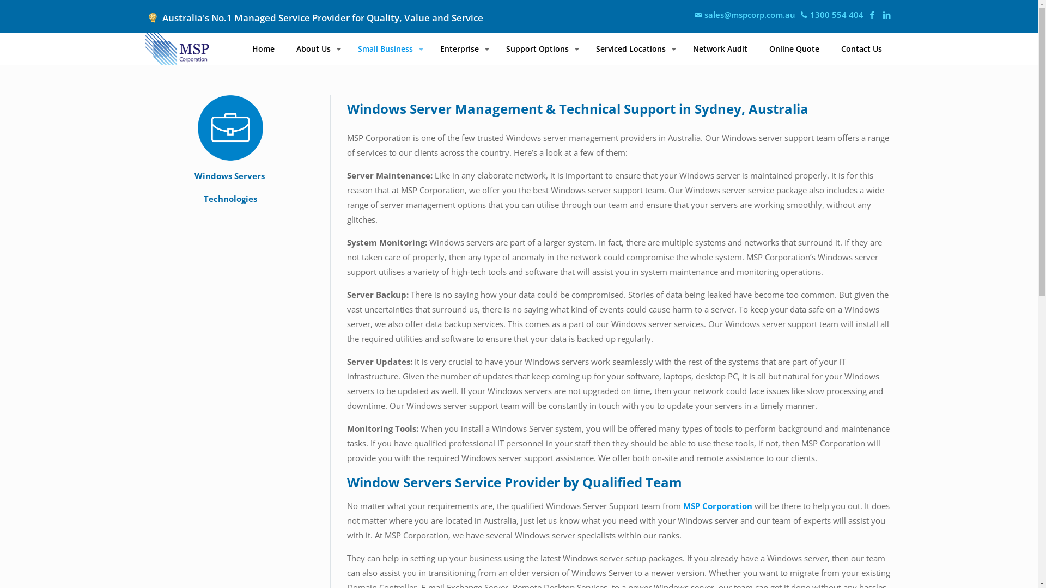 The width and height of the screenshot is (1046, 588). What do you see at coordinates (794, 48) in the screenshot?
I see `'Online Quote'` at bounding box center [794, 48].